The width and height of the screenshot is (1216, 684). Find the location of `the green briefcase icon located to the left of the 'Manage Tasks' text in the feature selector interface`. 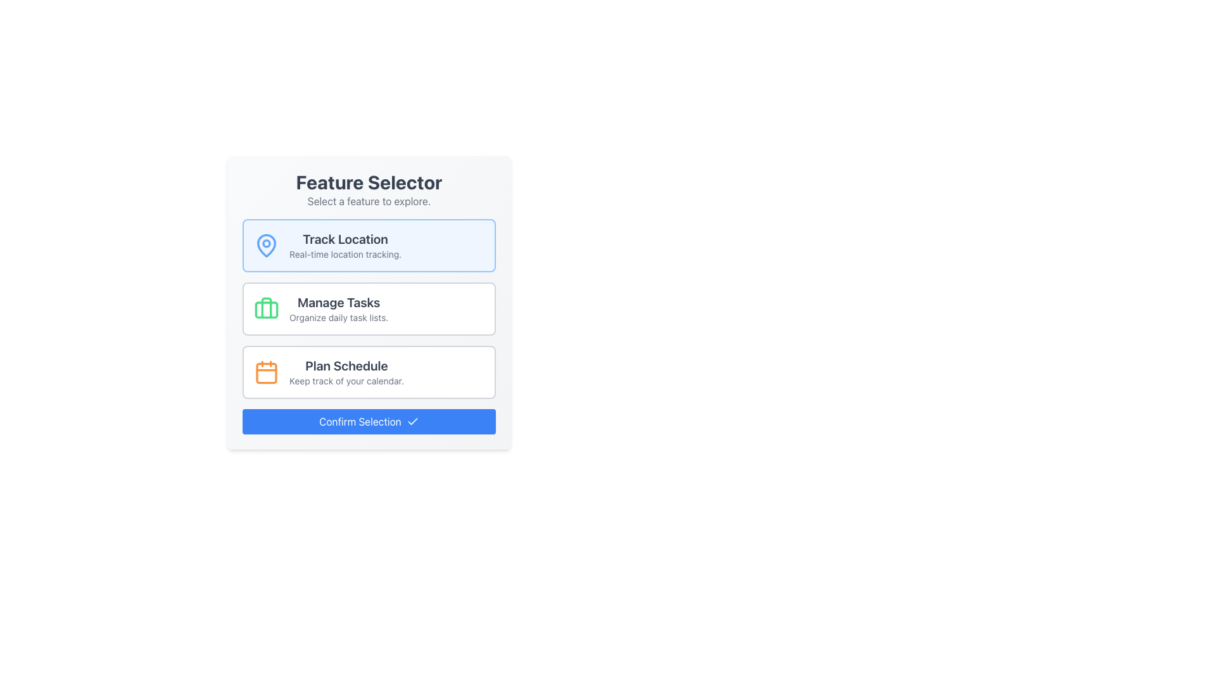

the green briefcase icon located to the left of the 'Manage Tasks' text in the feature selector interface is located at coordinates (266, 309).